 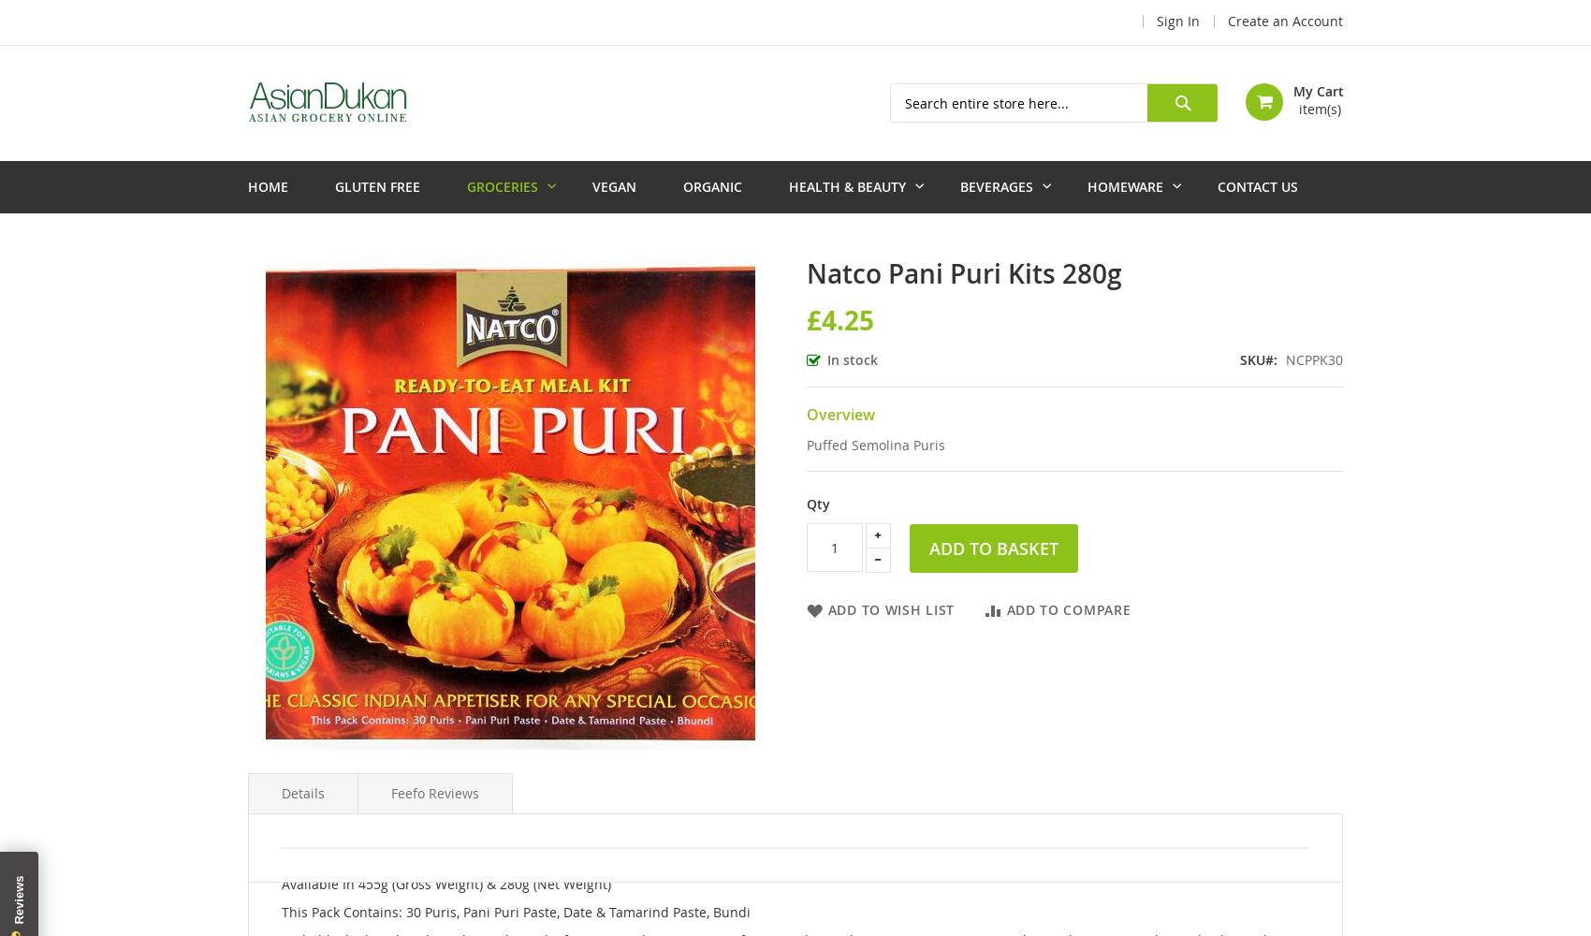 I want to click on 'Create an Account', so click(x=1285, y=21).